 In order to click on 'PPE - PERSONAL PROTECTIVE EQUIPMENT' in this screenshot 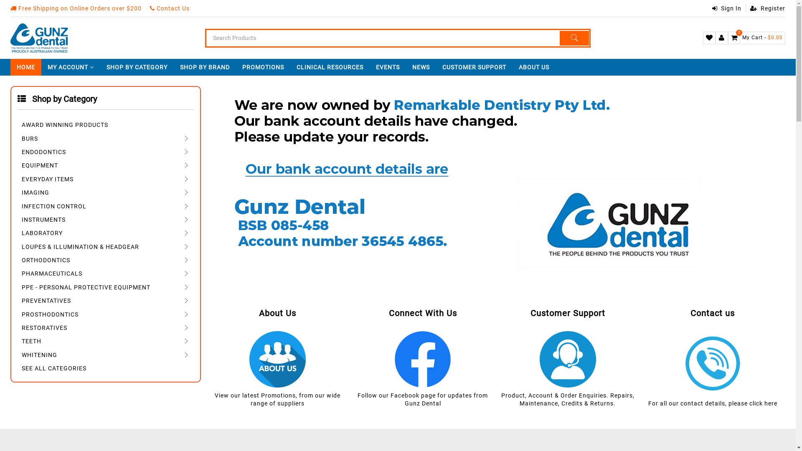, I will do `click(105, 286)`.